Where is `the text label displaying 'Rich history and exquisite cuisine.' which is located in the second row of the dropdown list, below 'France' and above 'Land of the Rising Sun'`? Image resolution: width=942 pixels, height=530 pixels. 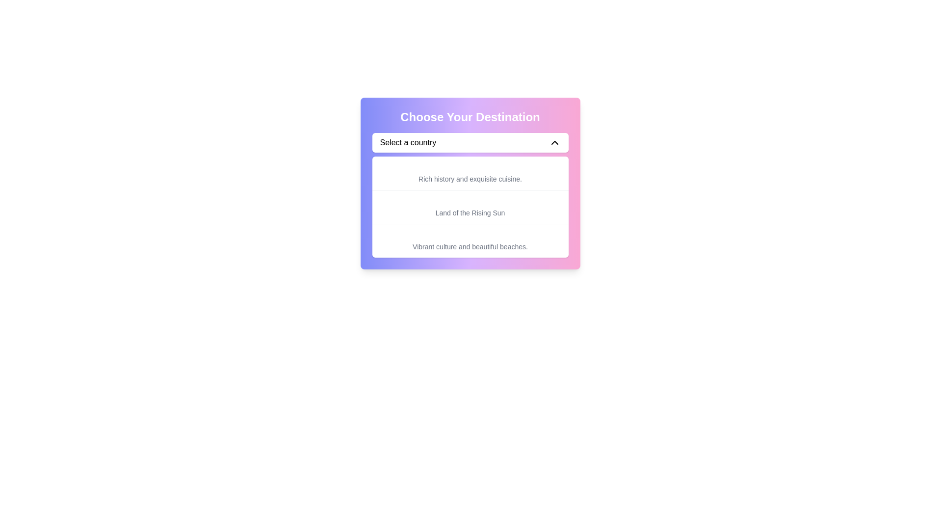 the text label displaying 'Rich history and exquisite cuisine.' which is located in the second row of the dropdown list, below 'France' and above 'Land of the Rising Sun' is located at coordinates (470, 173).